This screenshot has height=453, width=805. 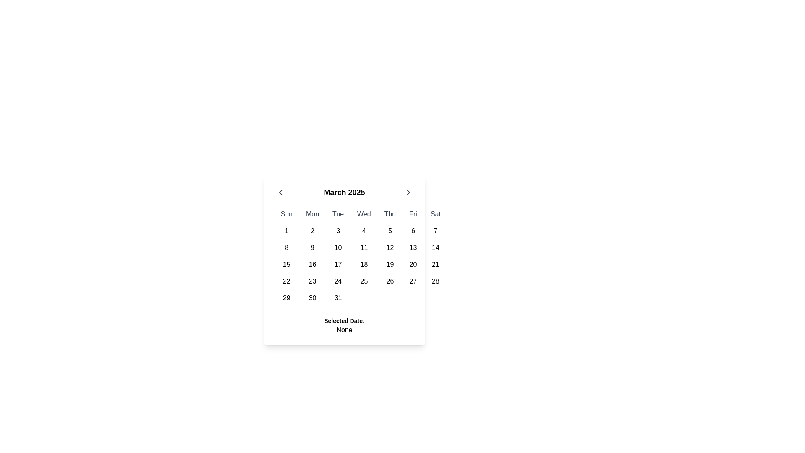 I want to click on the 'Sun' text label, which is the first item in the horizontally arranged list of day abbreviations in the calendar interface, so click(x=286, y=213).